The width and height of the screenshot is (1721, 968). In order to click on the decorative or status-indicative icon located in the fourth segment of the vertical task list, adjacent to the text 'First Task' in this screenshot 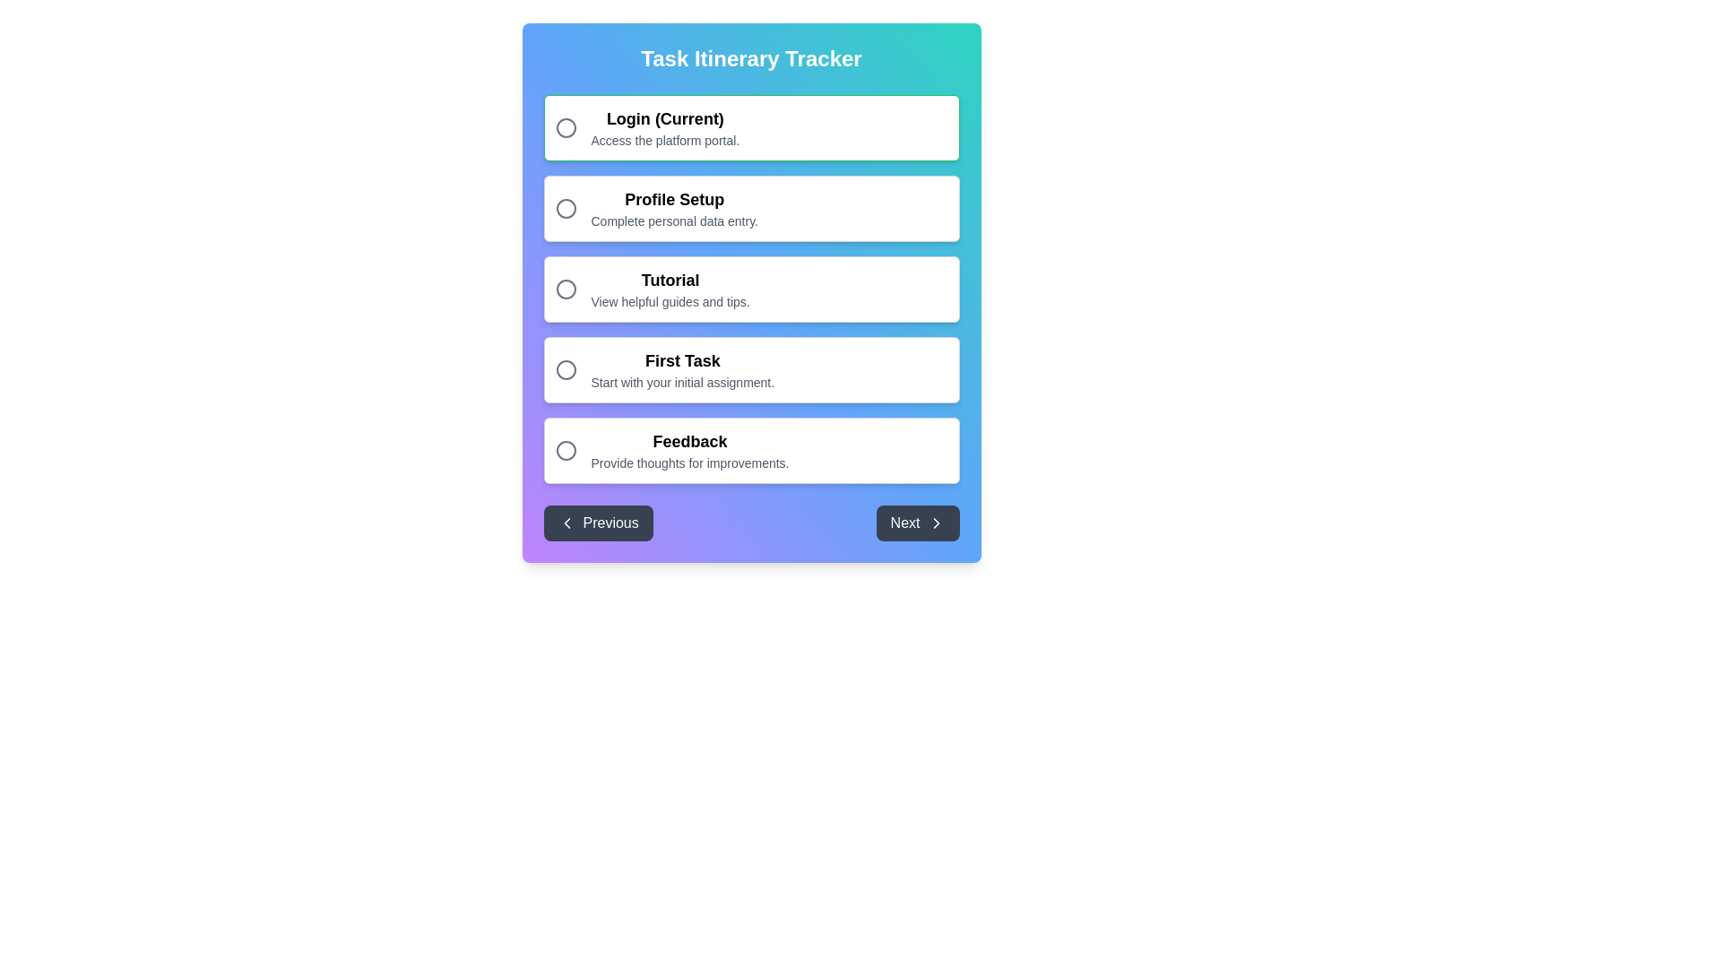, I will do `click(565, 368)`.